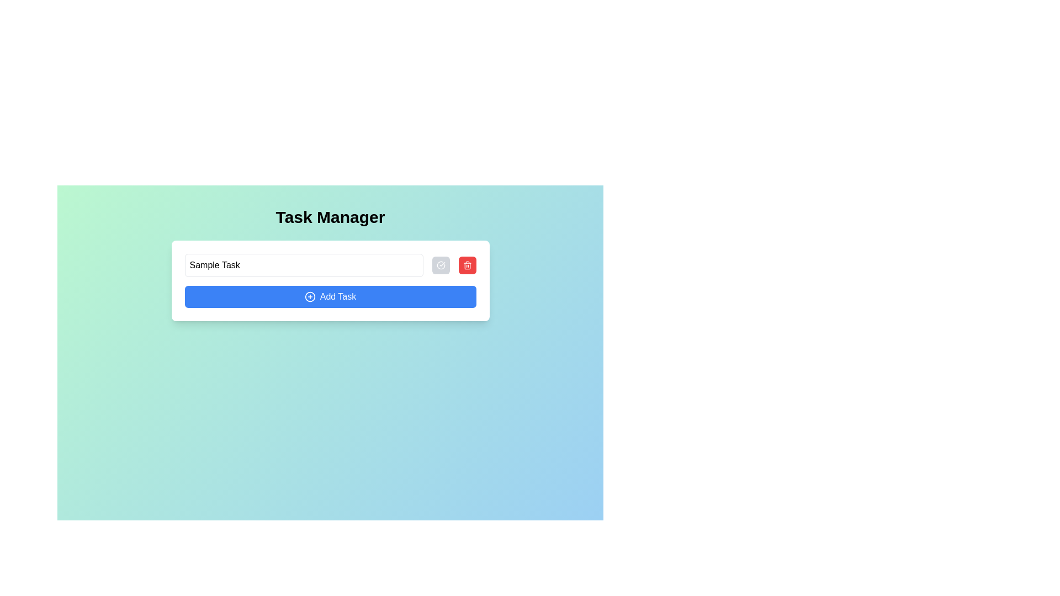 This screenshot has height=596, width=1060. What do you see at coordinates (309, 296) in the screenshot?
I see `the button labeled 'Add Task' which contains a decorative icon of a circle with a plus sign inside, located at the bottom-center of the interface` at bounding box center [309, 296].